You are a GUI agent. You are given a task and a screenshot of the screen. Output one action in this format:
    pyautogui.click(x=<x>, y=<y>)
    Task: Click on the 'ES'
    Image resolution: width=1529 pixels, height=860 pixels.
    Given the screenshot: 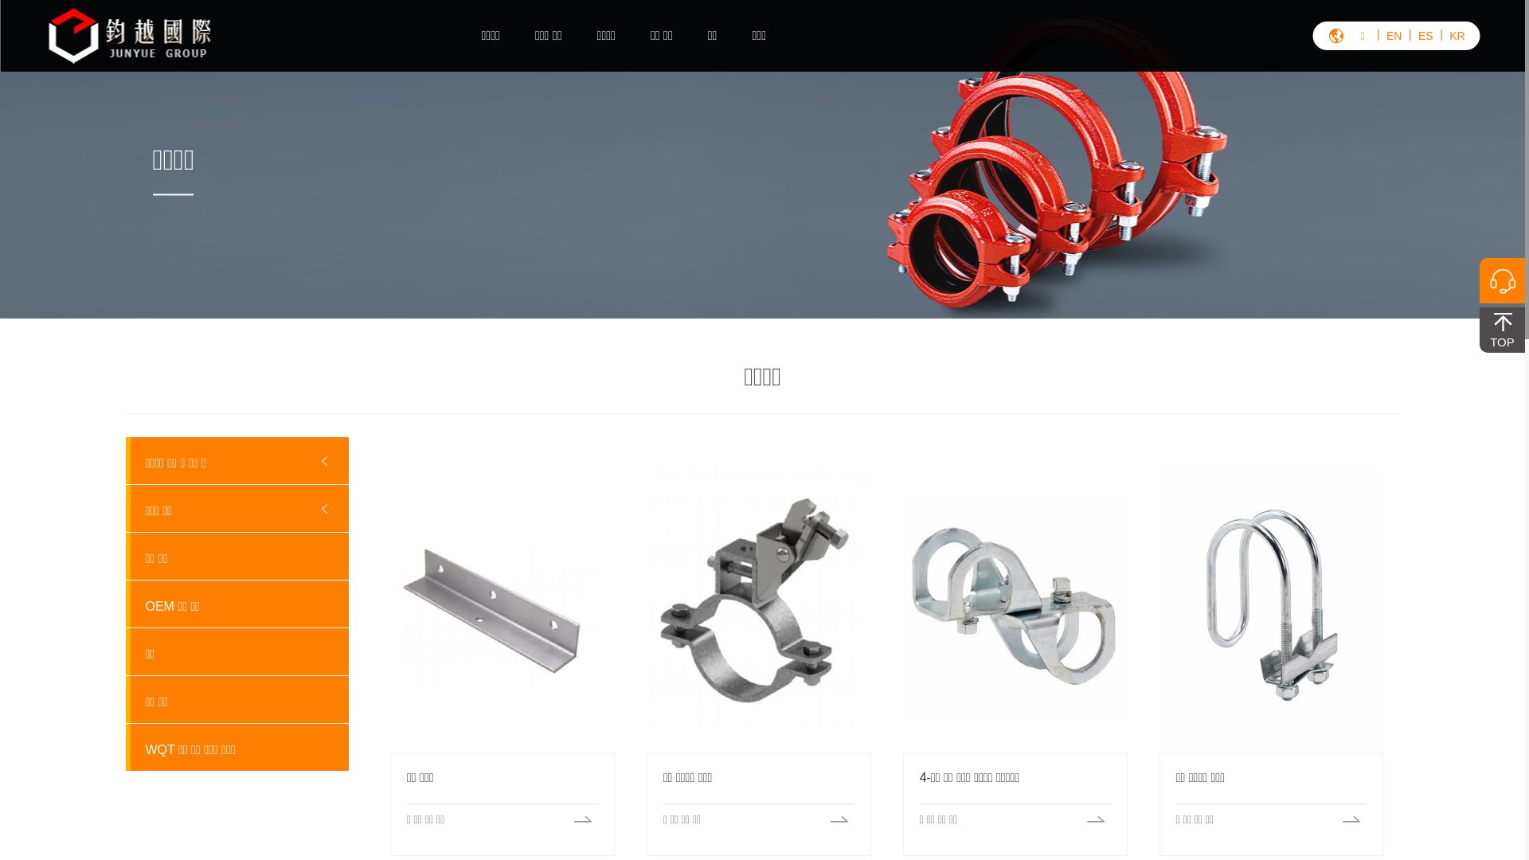 What is the action you would take?
    pyautogui.click(x=1425, y=36)
    